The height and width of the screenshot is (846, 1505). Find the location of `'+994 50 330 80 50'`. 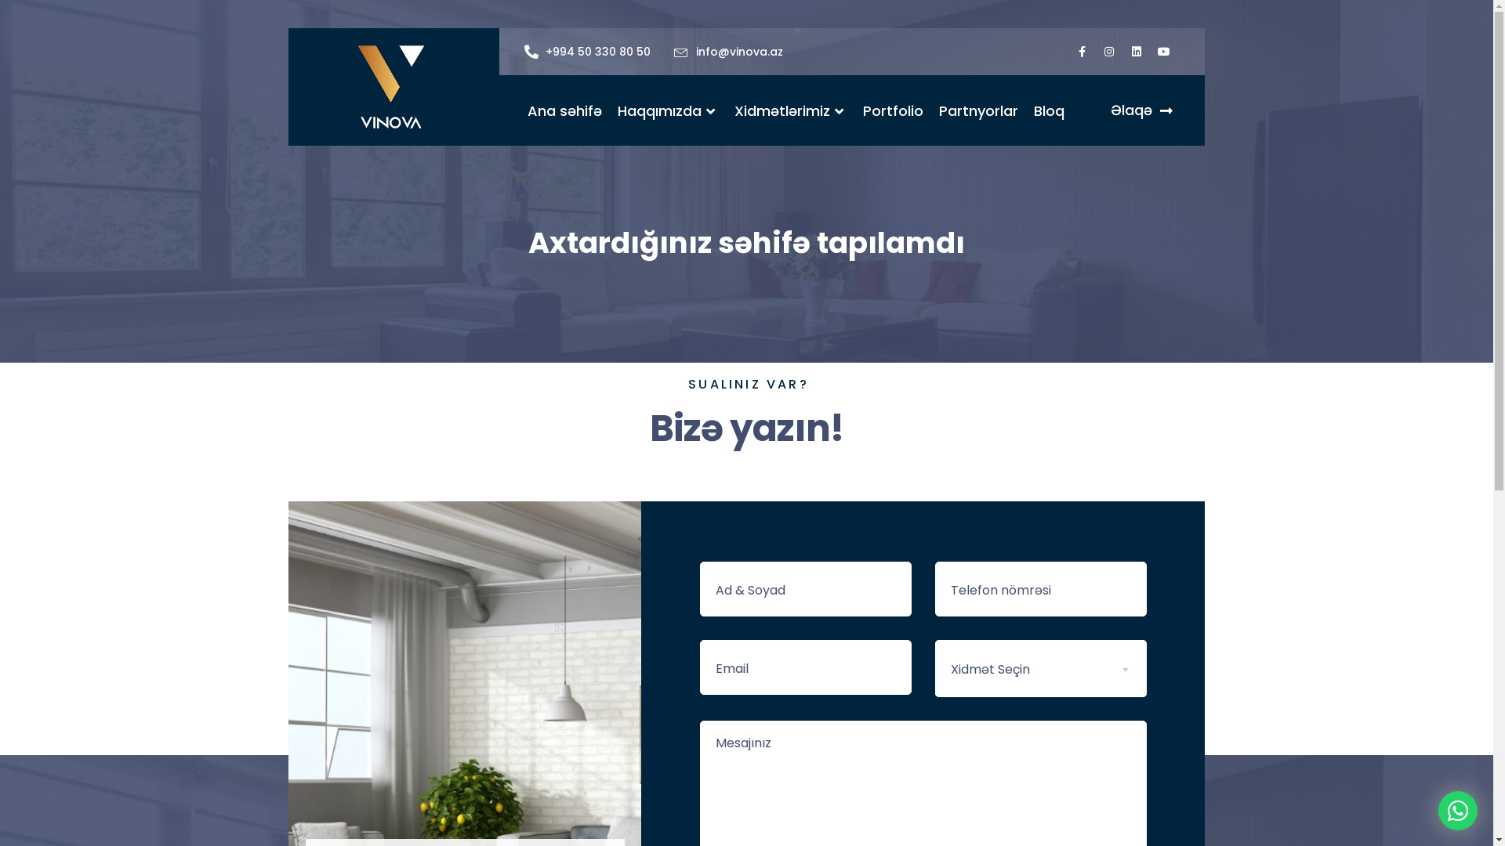

'+994 50 330 80 50' is located at coordinates (524, 50).